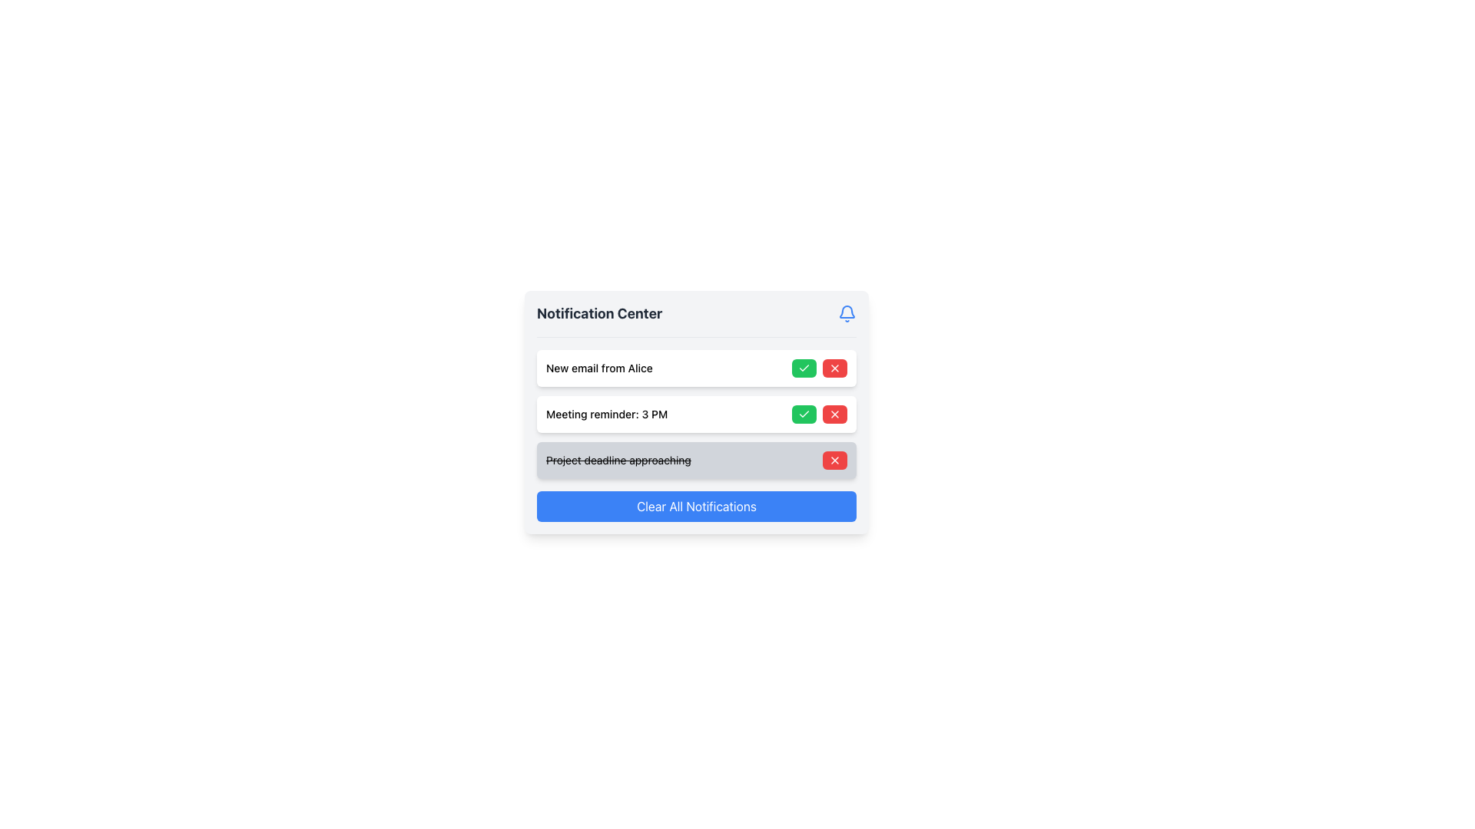 The image size is (1475, 829). I want to click on the text label displaying 'Meeting reminder: 3 PM' in the Notification Center, which is the second notification entry in the list, so click(606, 414).